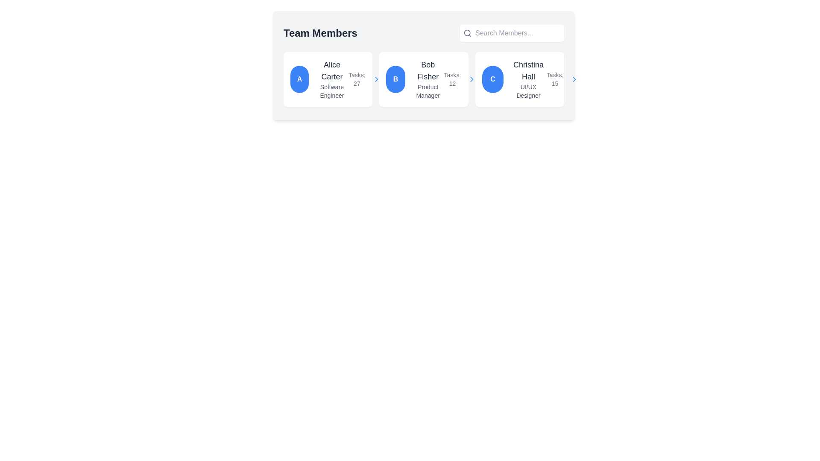 This screenshot has height=461, width=820. I want to click on the text label displaying 'Bob Fisher', which is styled in a larger, medium weight dark gray font, located within a card-like component in a horizontal member list, so click(428, 70).